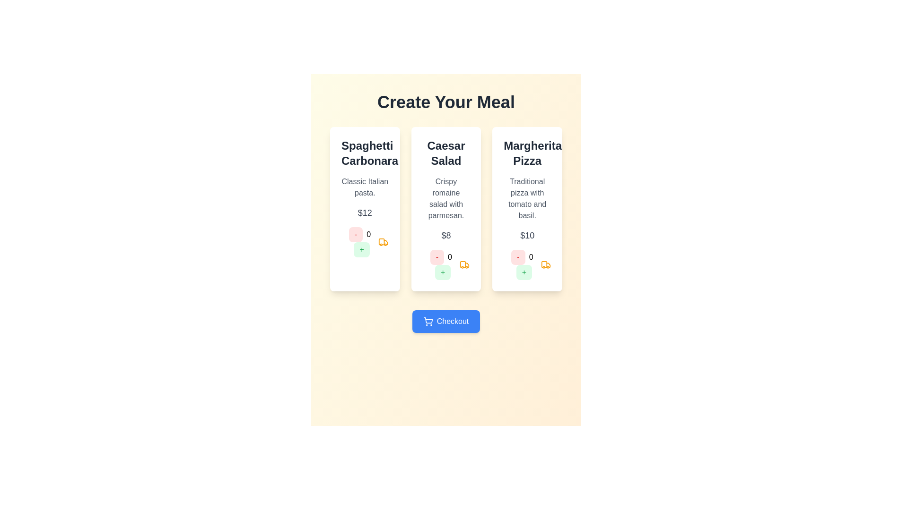 This screenshot has width=908, height=510. I want to click on the header element displaying 'Create Your Meal', which is styled prominently and centered at the top of the content area, so click(445, 102).